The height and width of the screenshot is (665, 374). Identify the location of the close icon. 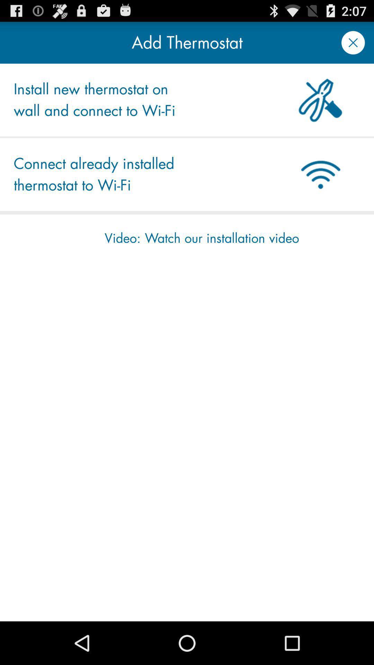
(353, 45).